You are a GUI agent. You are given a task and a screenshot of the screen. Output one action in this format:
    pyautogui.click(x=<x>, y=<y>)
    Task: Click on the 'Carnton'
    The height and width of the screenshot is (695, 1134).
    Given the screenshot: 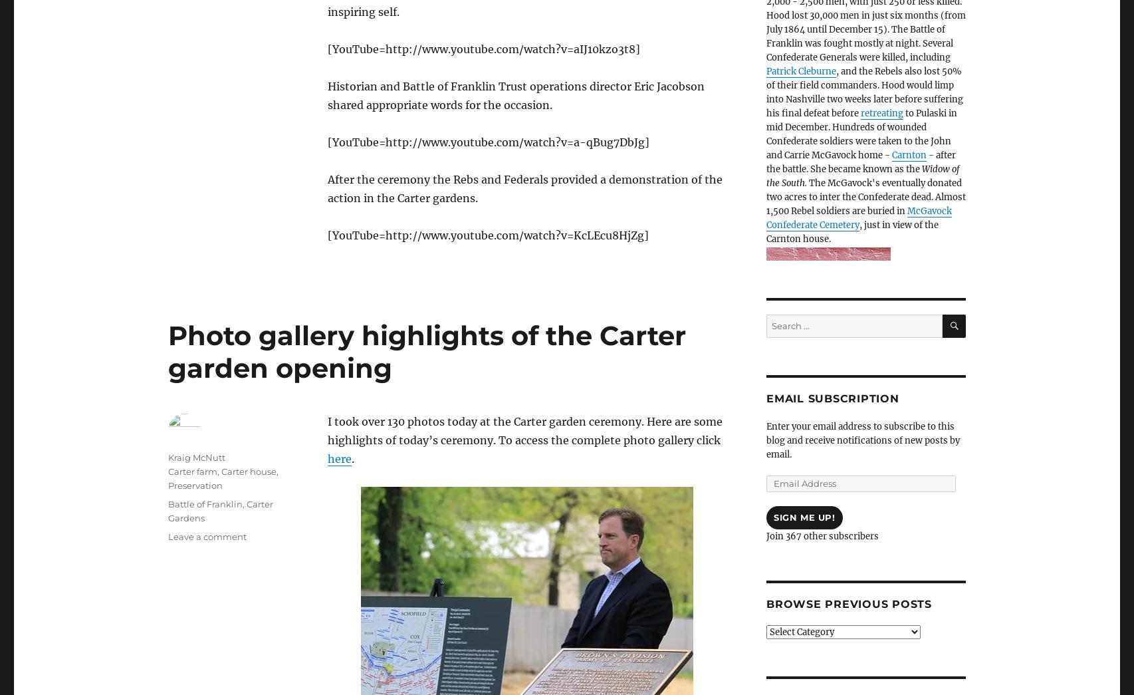 What is the action you would take?
    pyautogui.click(x=909, y=154)
    